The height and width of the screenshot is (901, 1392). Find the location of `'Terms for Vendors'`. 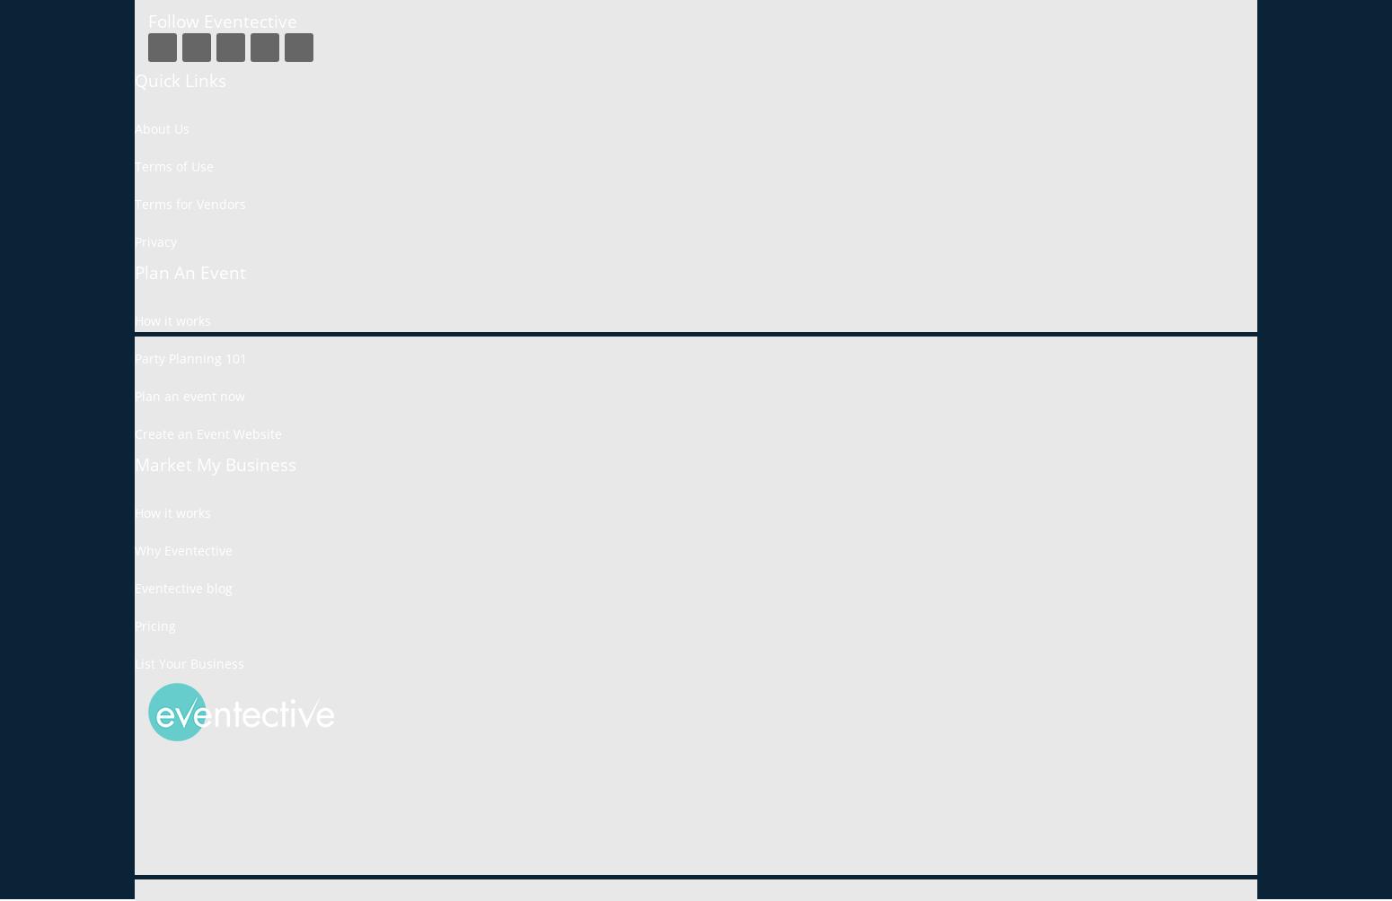

'Terms for Vendors' is located at coordinates (135, 203).